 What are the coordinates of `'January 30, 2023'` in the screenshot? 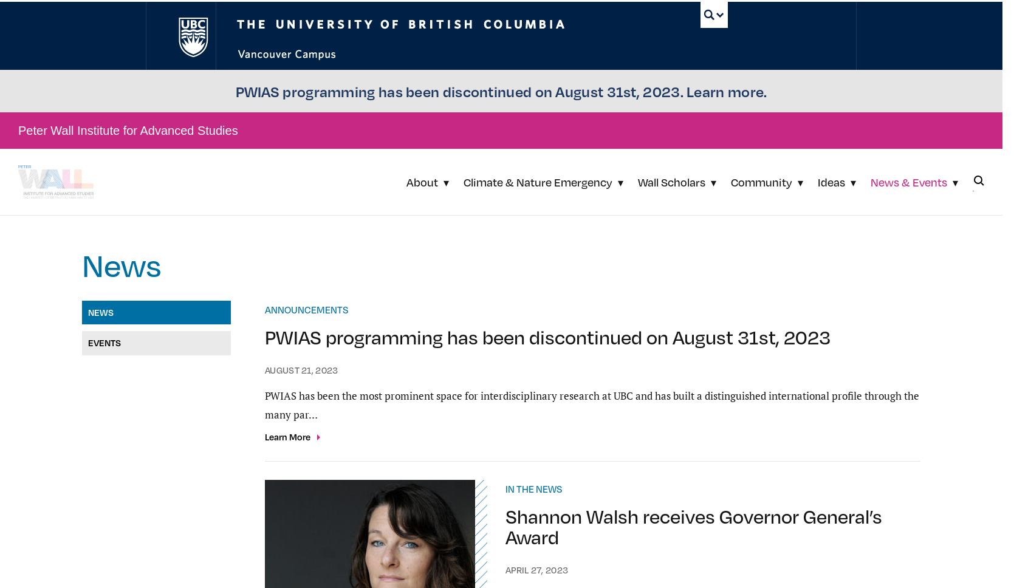 It's located at (505, 13).